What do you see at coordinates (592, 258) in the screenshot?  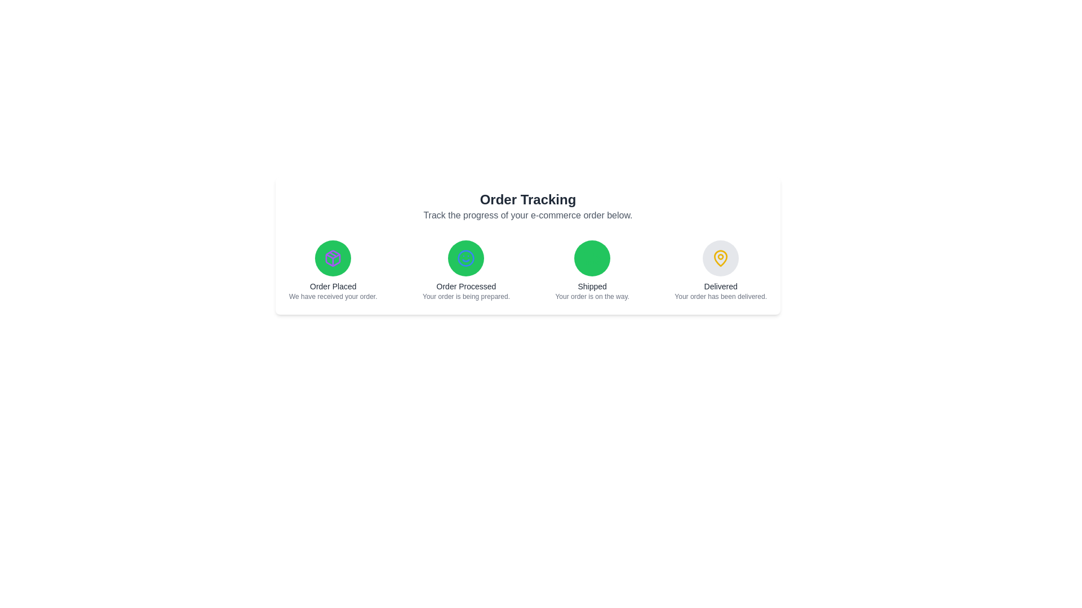 I see `the 'Shipped' status indicator in the order tracking process, which is the third step indicator located between 'Order Processed' and 'Delivered'` at bounding box center [592, 258].